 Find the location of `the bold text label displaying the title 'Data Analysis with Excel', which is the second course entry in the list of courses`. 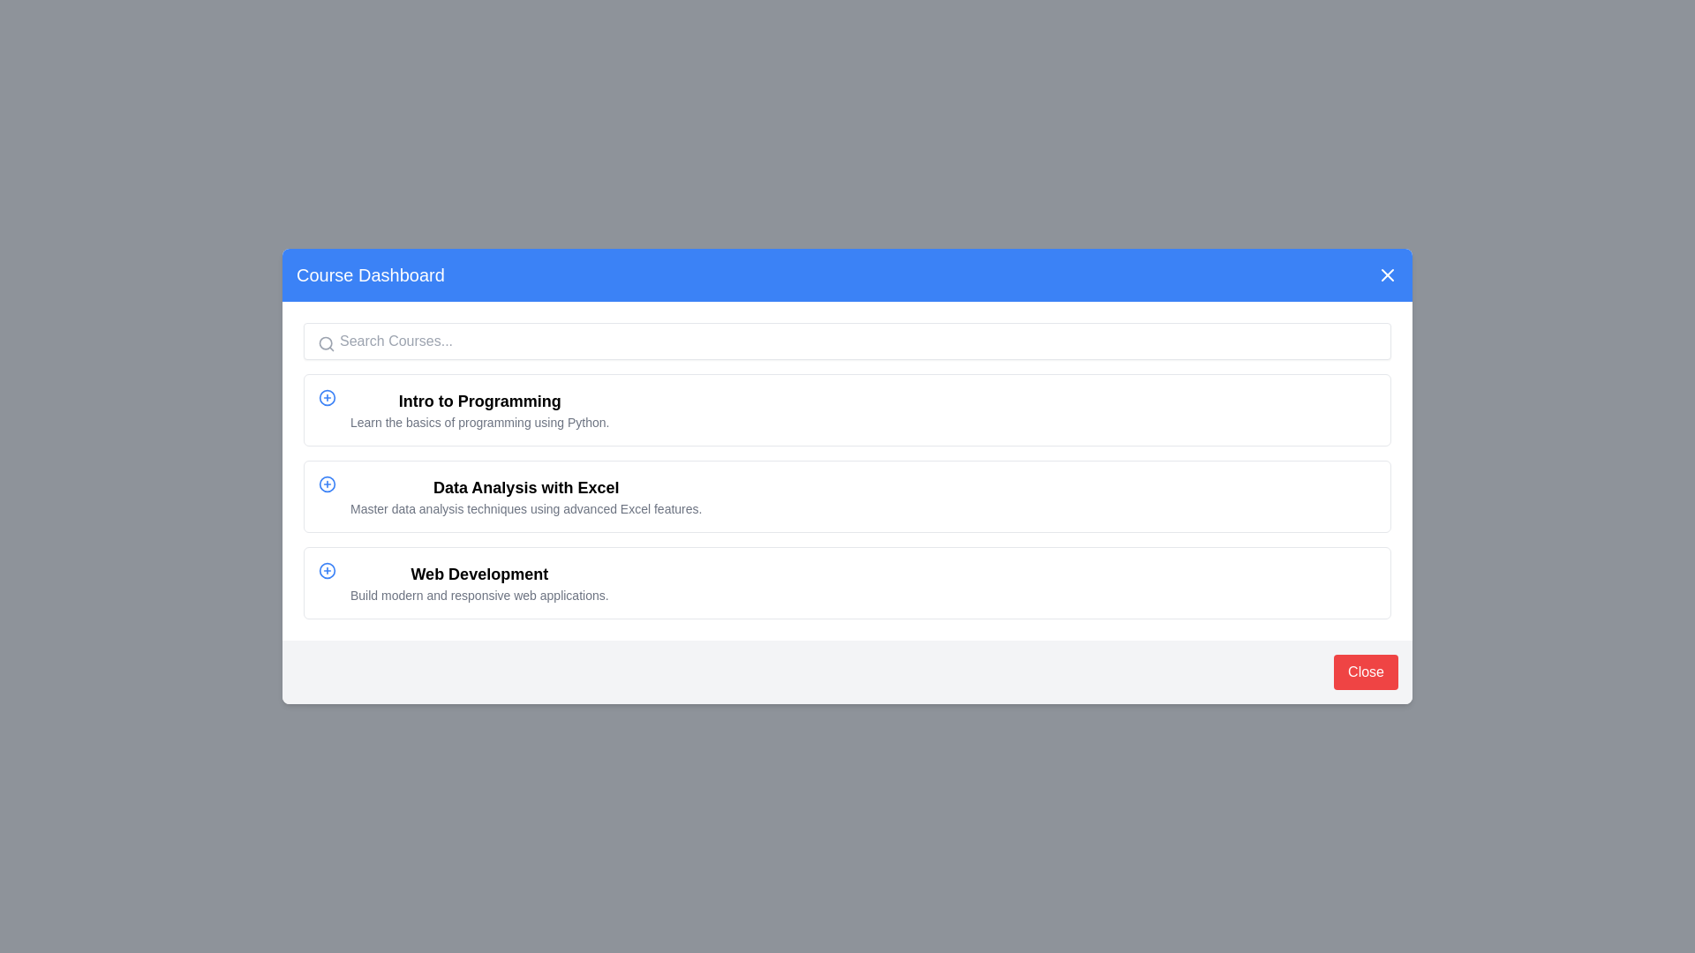

the bold text label displaying the title 'Data Analysis with Excel', which is the second course entry in the list of courses is located at coordinates (525, 487).